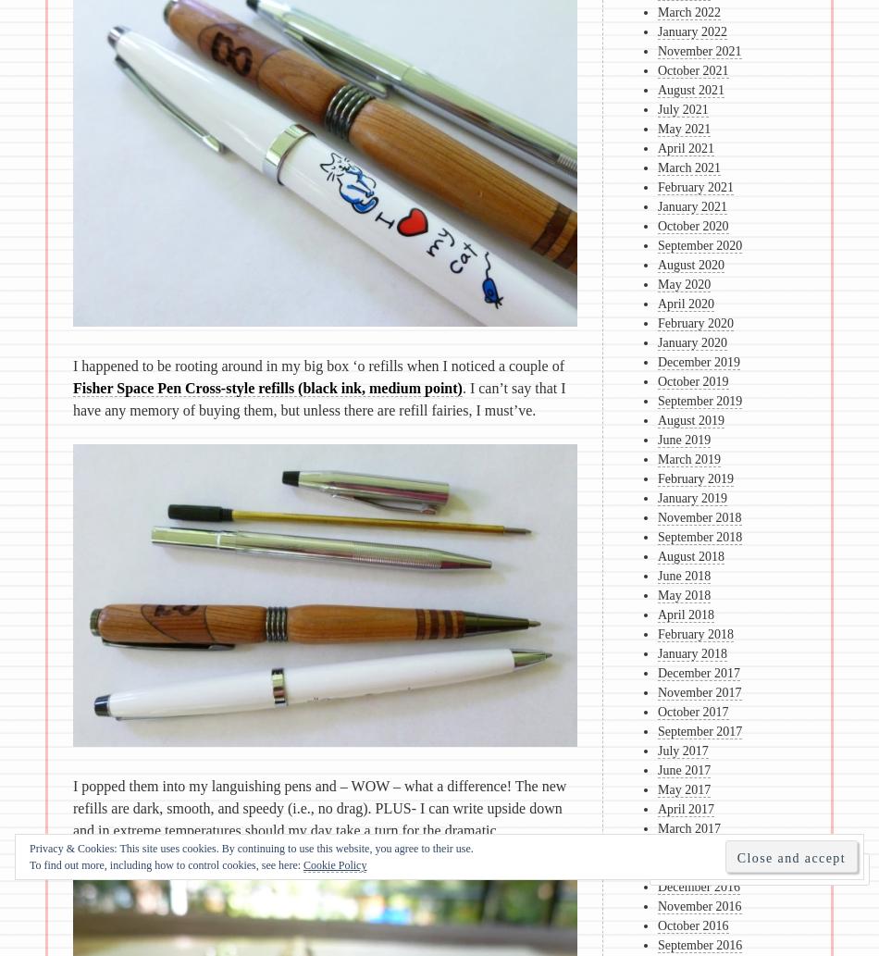 The width and height of the screenshot is (879, 956). I want to click on 'January 2017', so click(691, 866).